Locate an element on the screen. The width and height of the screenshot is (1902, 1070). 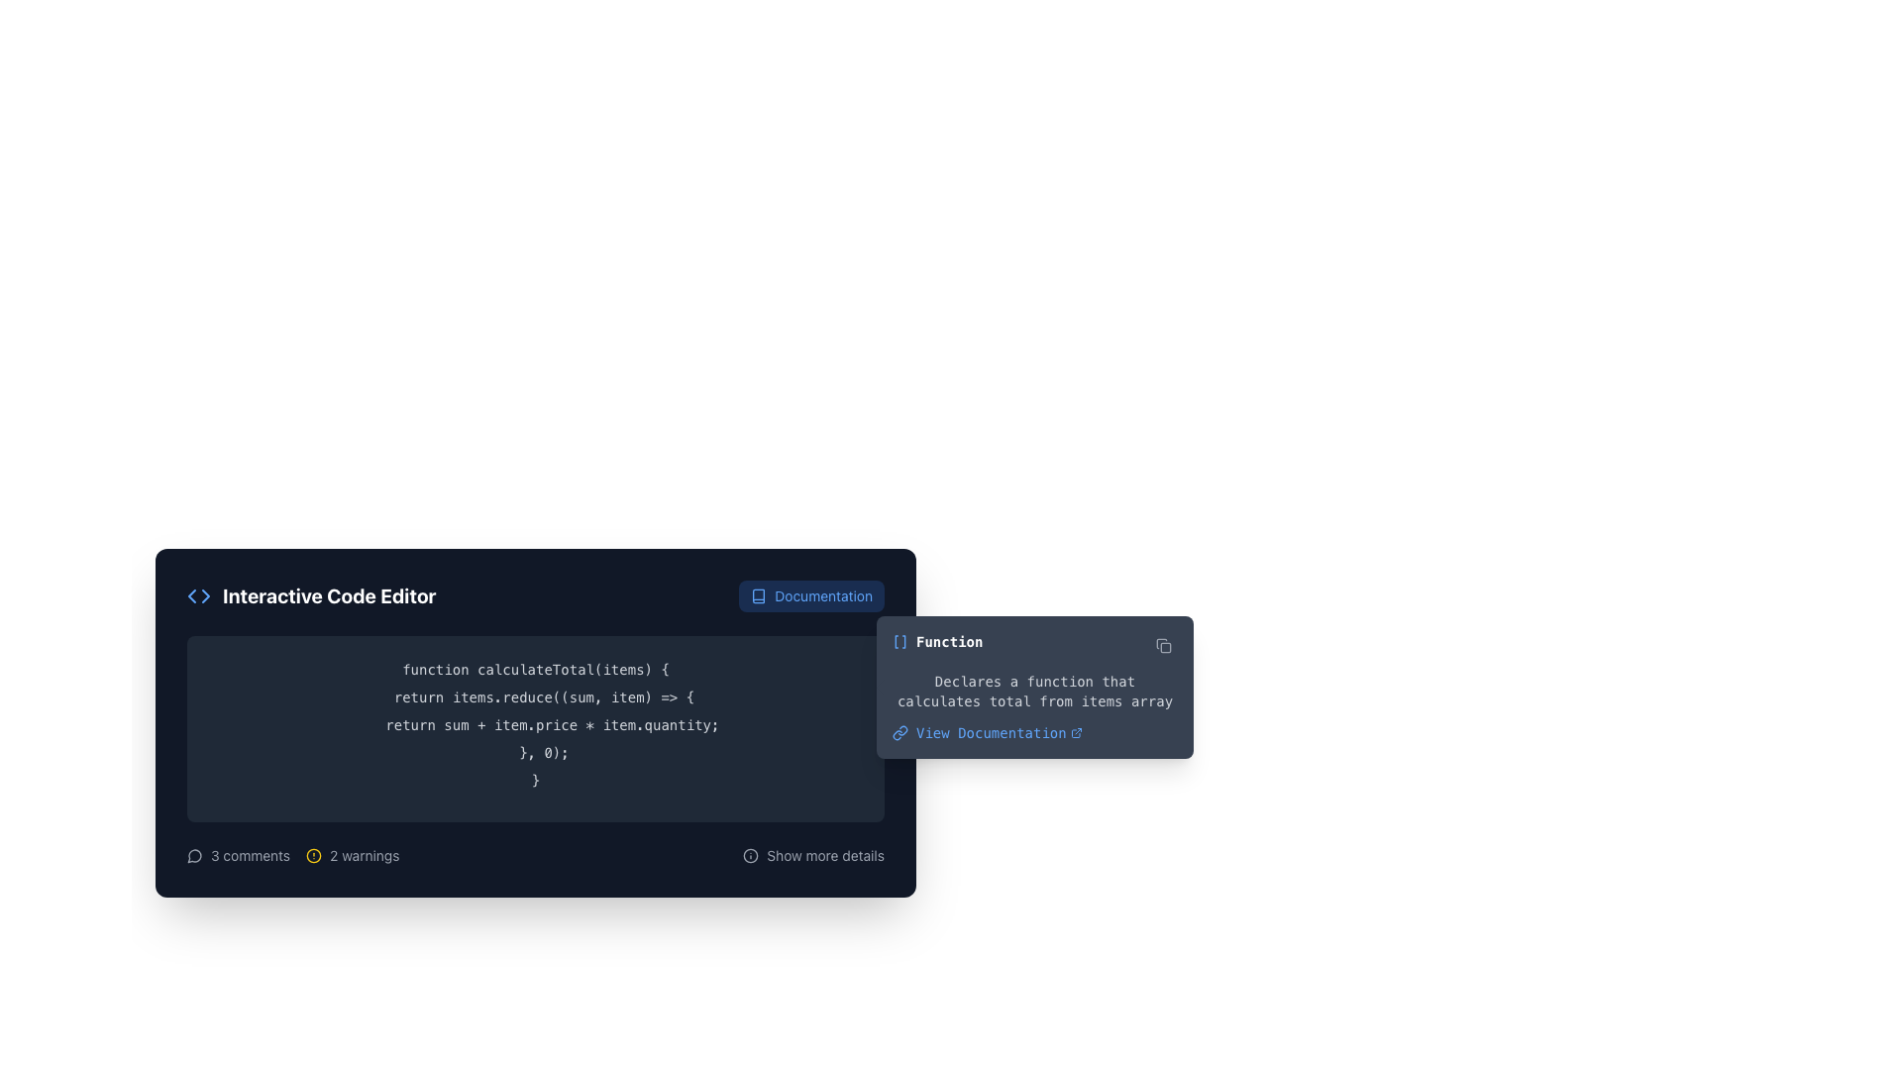
the hyperlink located at the bottom right of the tooltip that provides details about a function, which opens the browser context menu options related to links is located at coordinates (999, 733).